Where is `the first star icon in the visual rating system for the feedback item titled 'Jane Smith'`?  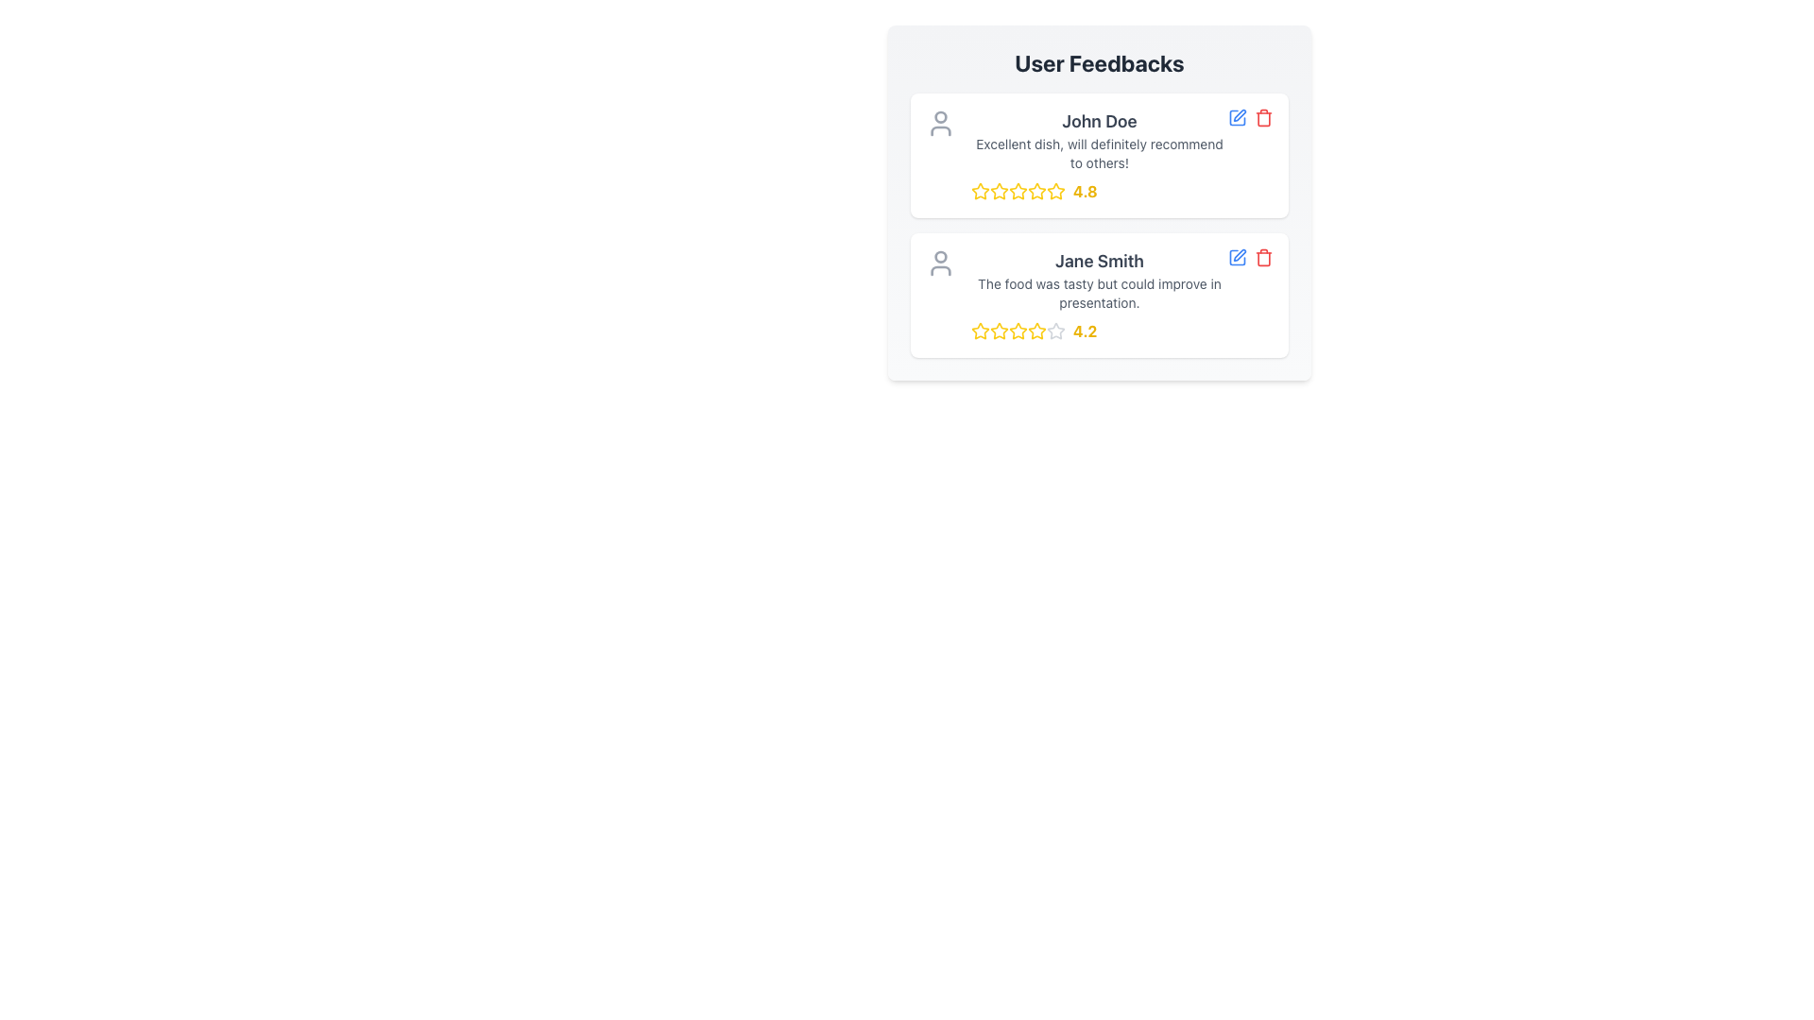 the first star icon in the visual rating system for the feedback item titled 'Jane Smith' is located at coordinates (980, 330).